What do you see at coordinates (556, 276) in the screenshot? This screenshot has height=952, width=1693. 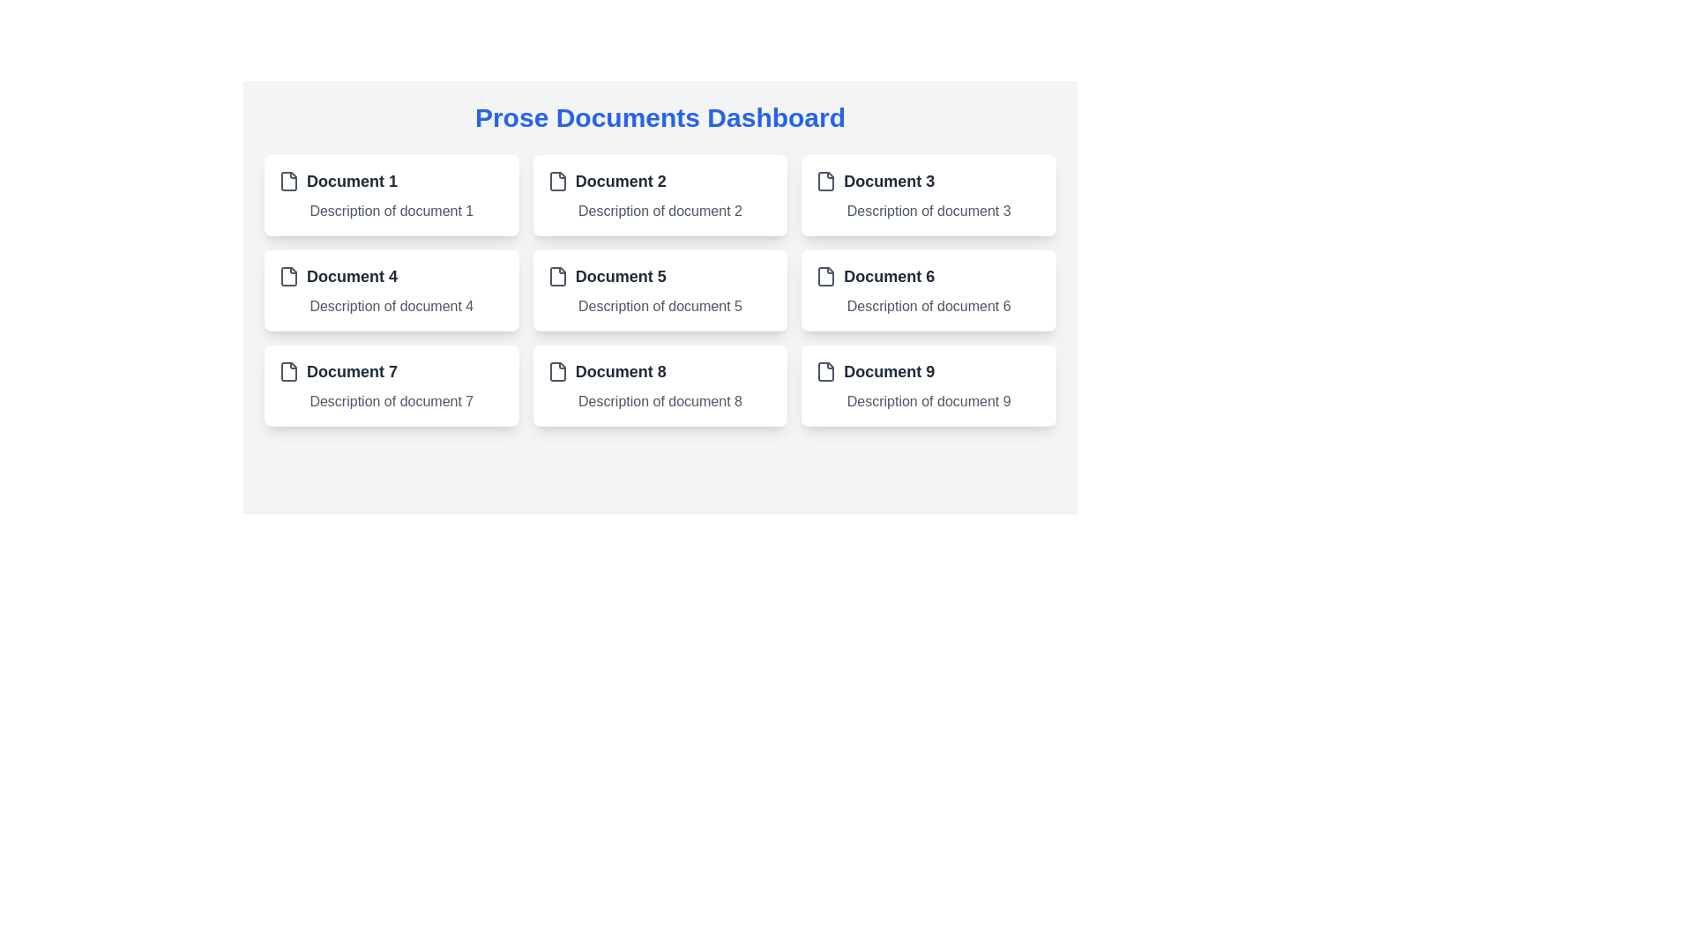 I see `the file/document icon, which is a minimalistic gray outline of a page with a folded corner, located to the left of the text 'Document 5' within the card labeled 'Document 5'` at bounding box center [556, 276].